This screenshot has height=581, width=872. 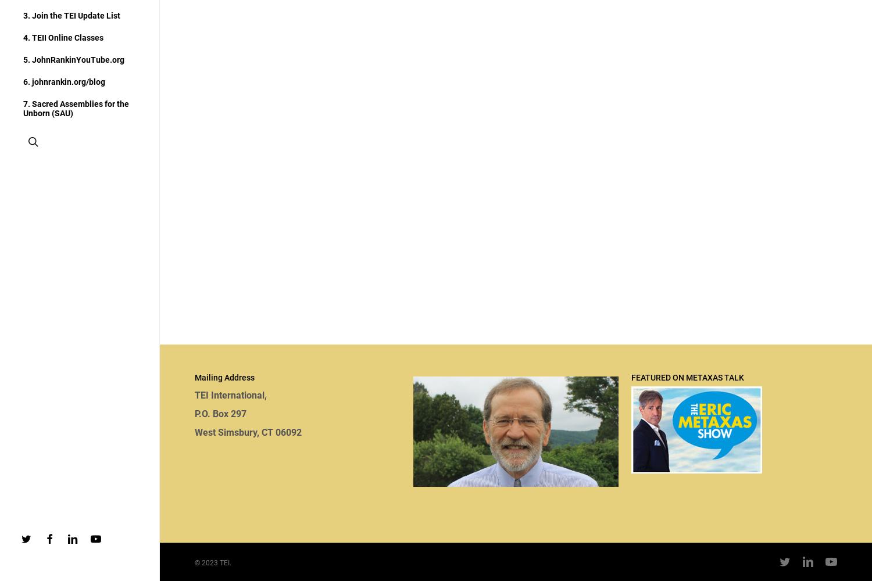 What do you see at coordinates (63, 37) in the screenshot?
I see `'4. TEII Online Classes'` at bounding box center [63, 37].